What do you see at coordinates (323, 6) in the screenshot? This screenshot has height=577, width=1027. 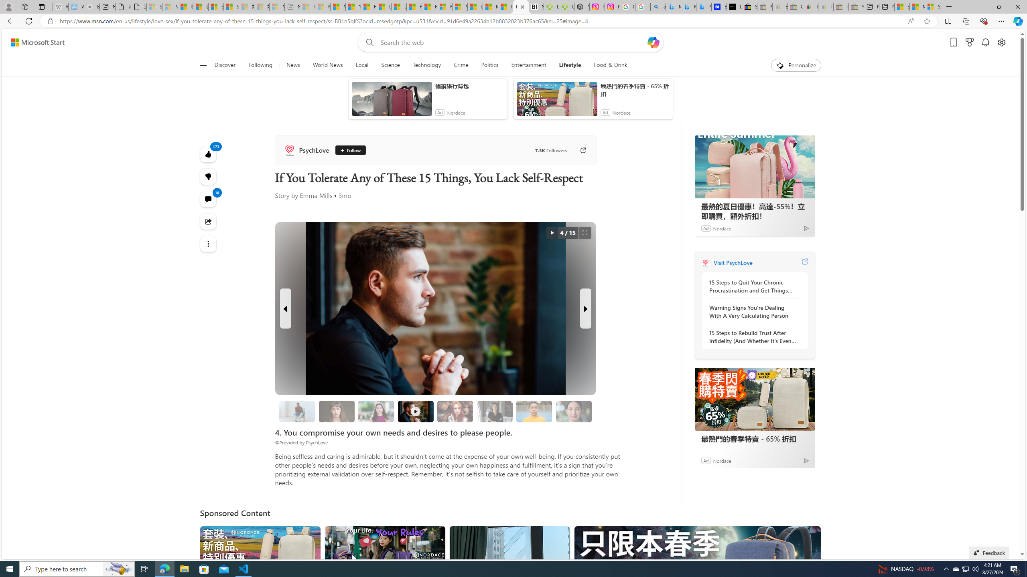 I see `'Marine life - MSN - Sleeping'` at bounding box center [323, 6].